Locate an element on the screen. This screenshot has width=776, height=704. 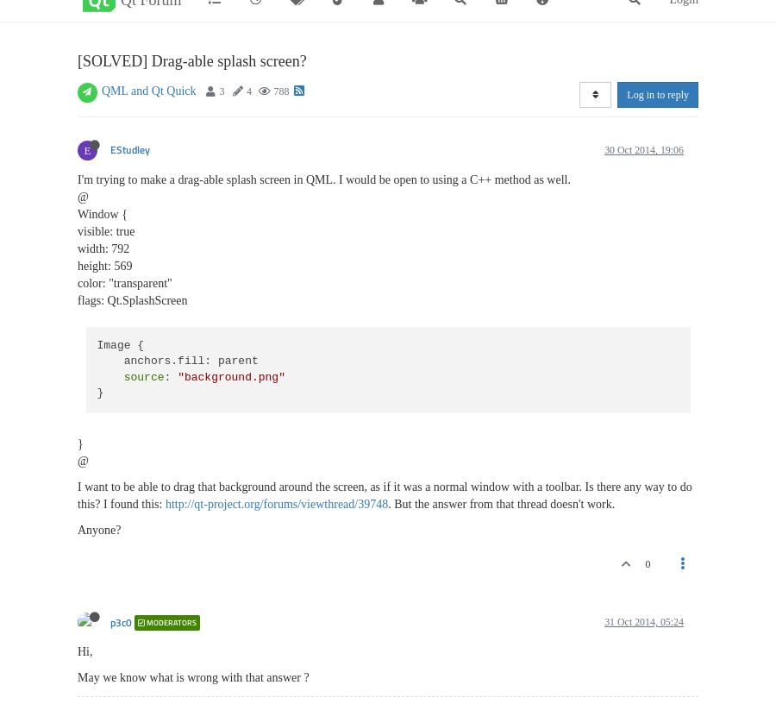
'Moderators' is located at coordinates (171, 622).